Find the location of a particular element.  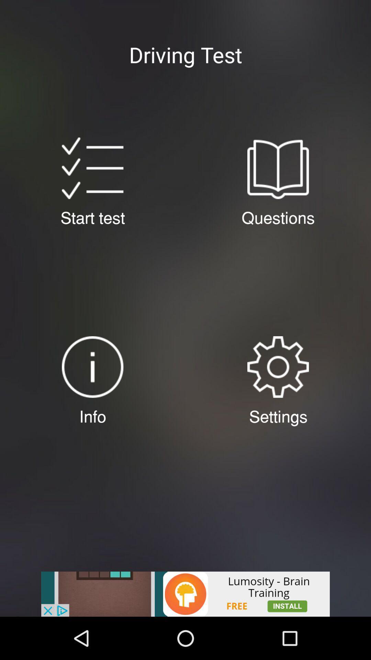

settings is located at coordinates (278, 366).